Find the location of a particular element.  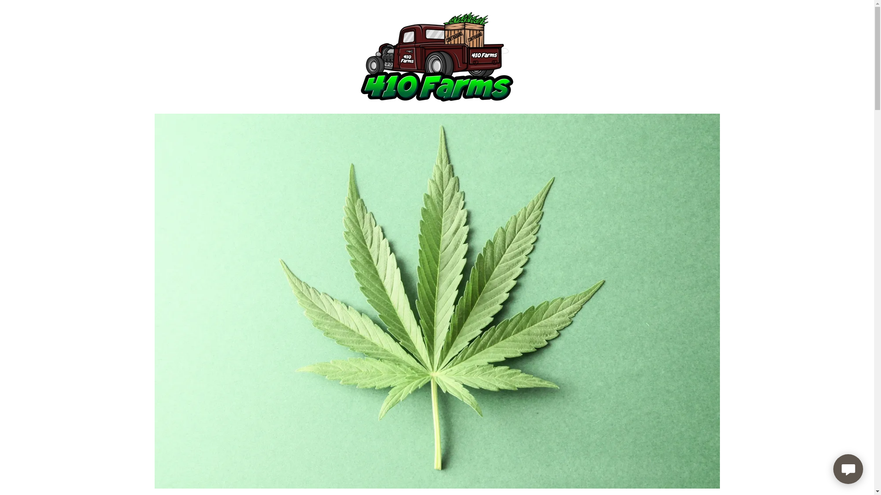

'410 Farms' is located at coordinates (436, 56).